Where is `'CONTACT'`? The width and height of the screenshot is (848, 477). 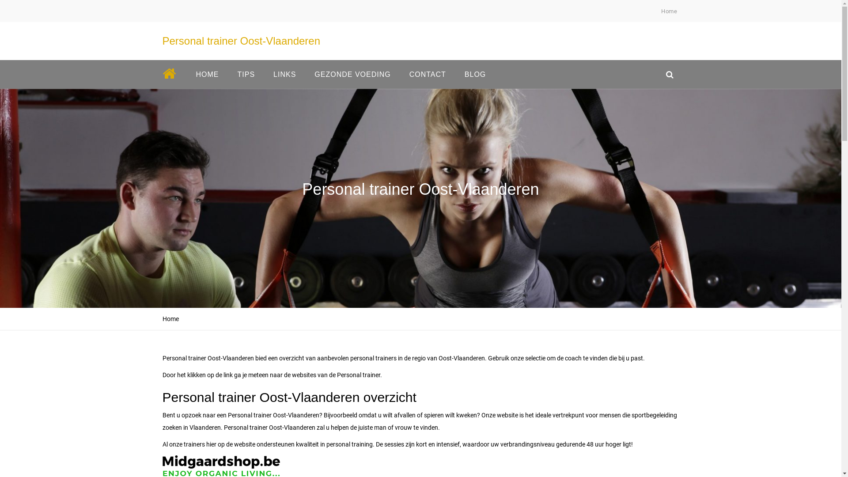
'CONTACT' is located at coordinates (428, 74).